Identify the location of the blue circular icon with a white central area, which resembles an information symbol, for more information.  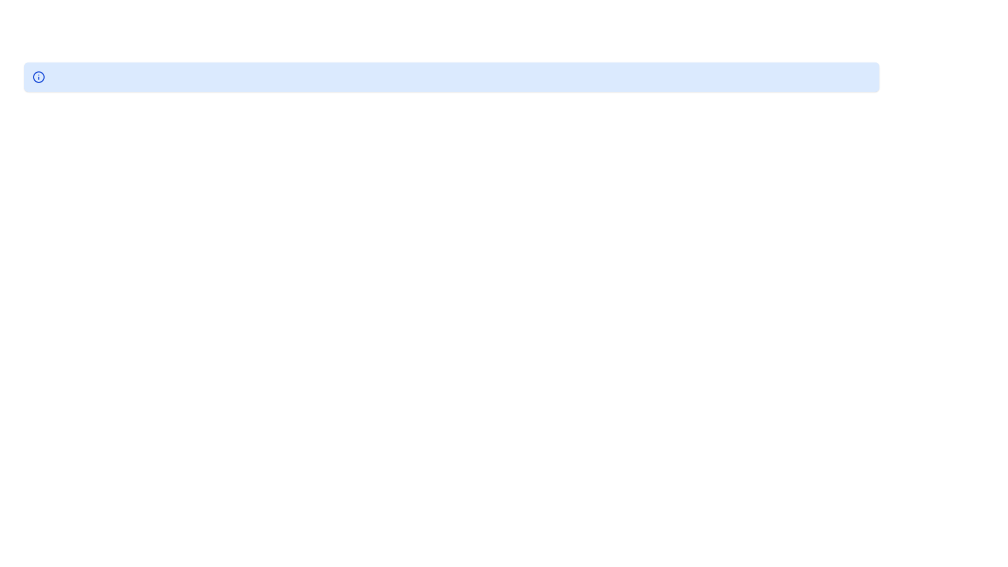
(38, 76).